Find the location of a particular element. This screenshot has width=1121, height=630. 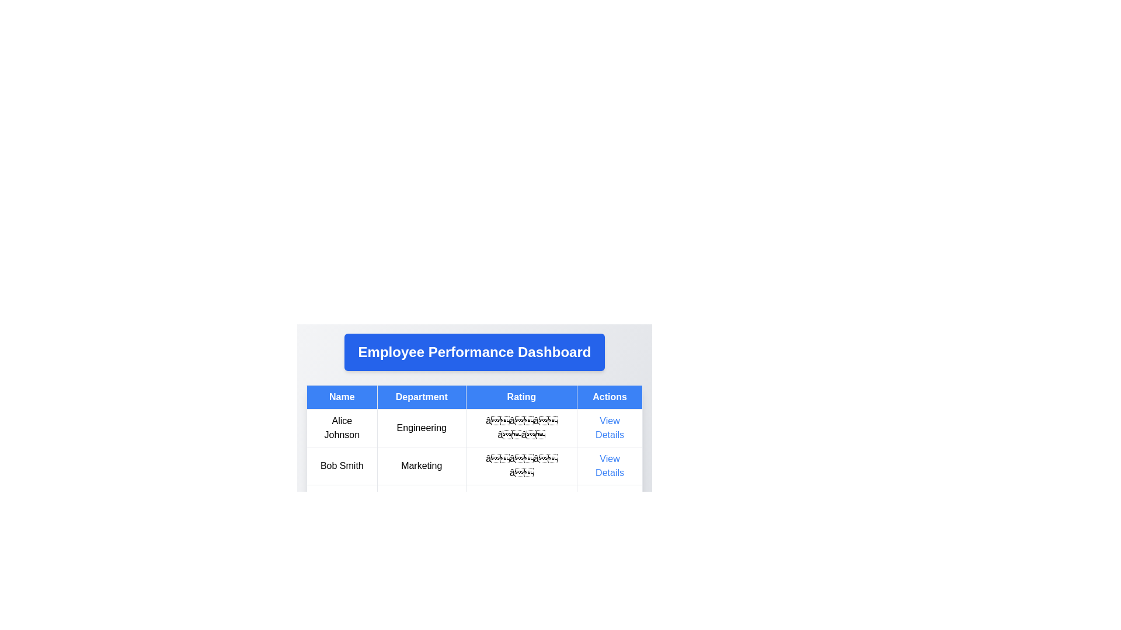

the clickable text link labeled 'View Details' located in the bottom row of the table under the 'Actions' column, specifically aligned with the row representing 'Bob Smith' is located at coordinates (609, 465).